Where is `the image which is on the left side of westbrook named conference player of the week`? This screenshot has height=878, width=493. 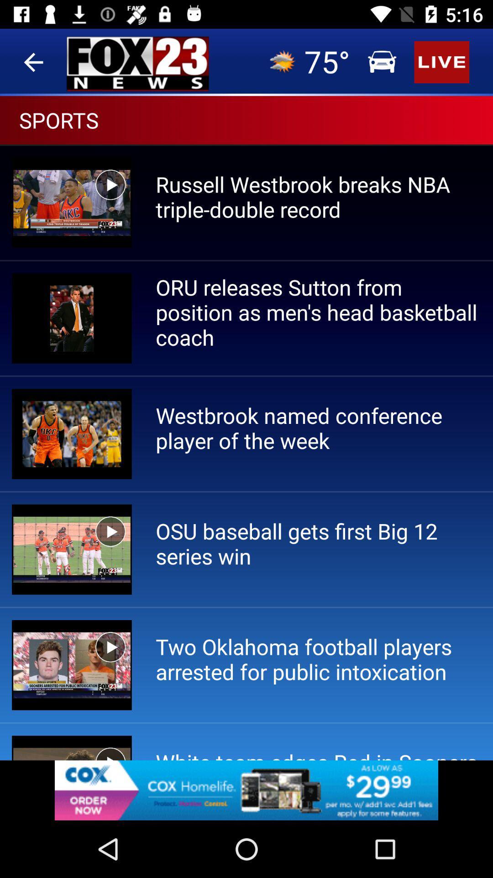 the image which is on the left side of westbrook named conference player of the week is located at coordinates (71, 434).